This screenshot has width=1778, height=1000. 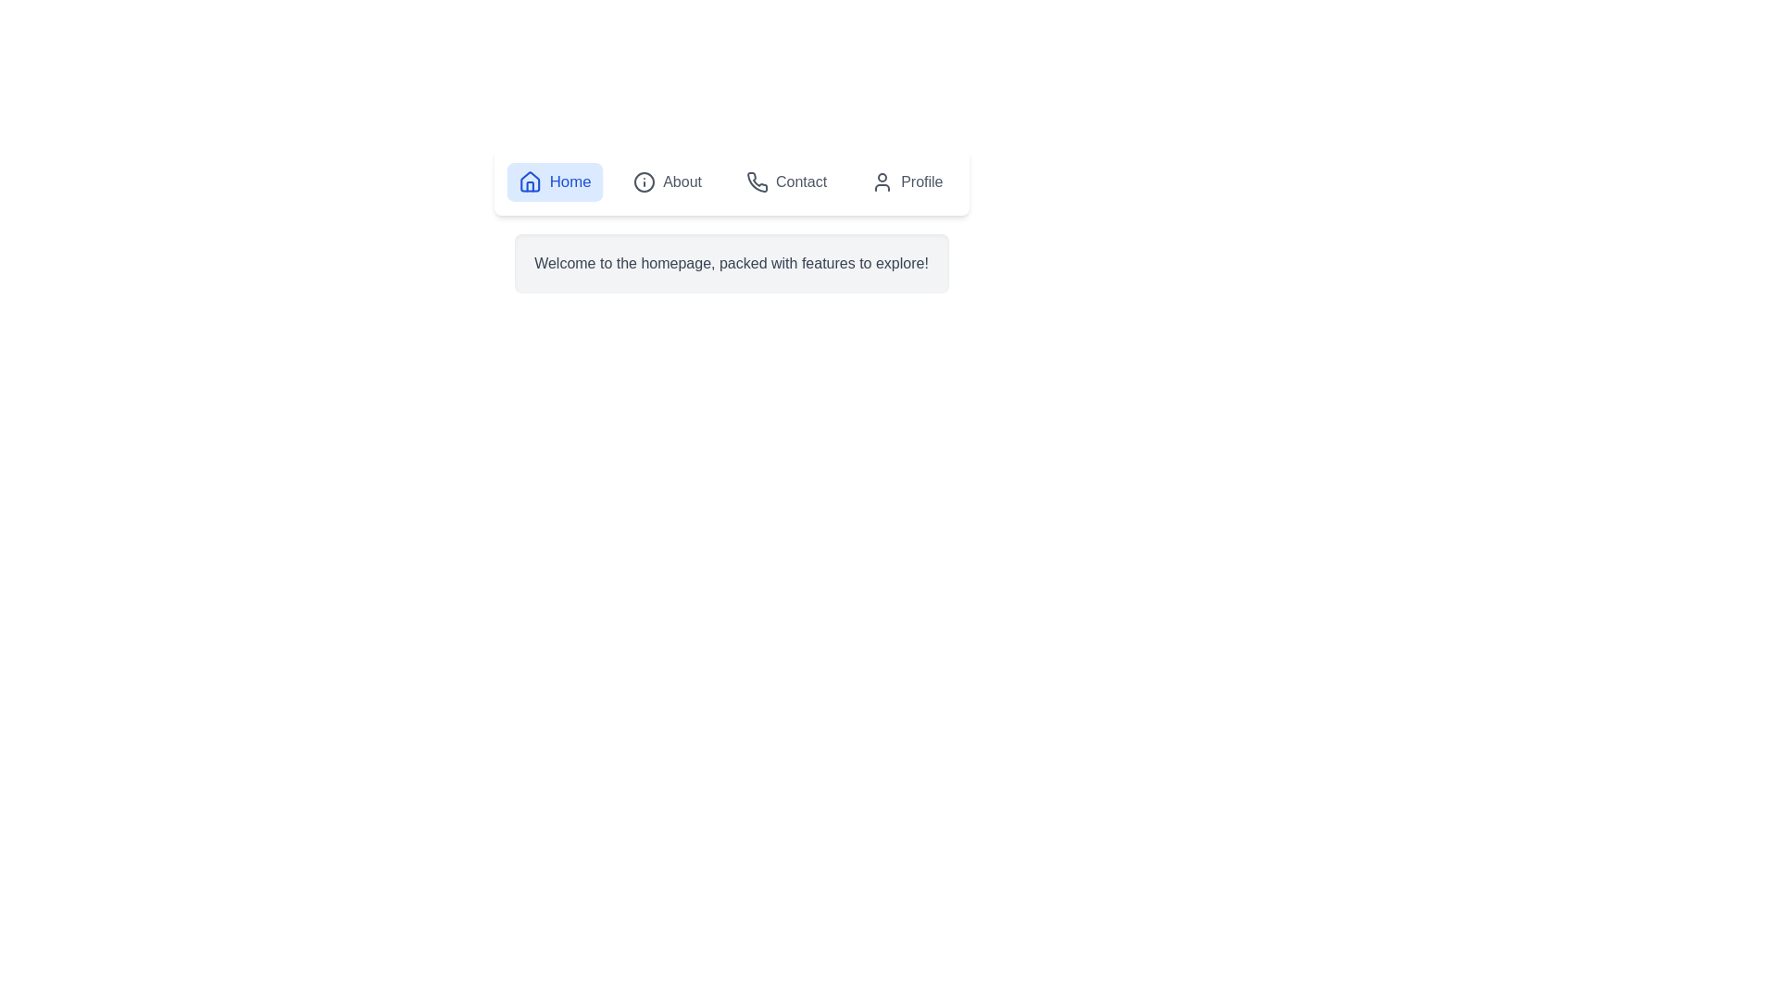 What do you see at coordinates (645, 181) in the screenshot?
I see `the icon of the About tab` at bounding box center [645, 181].